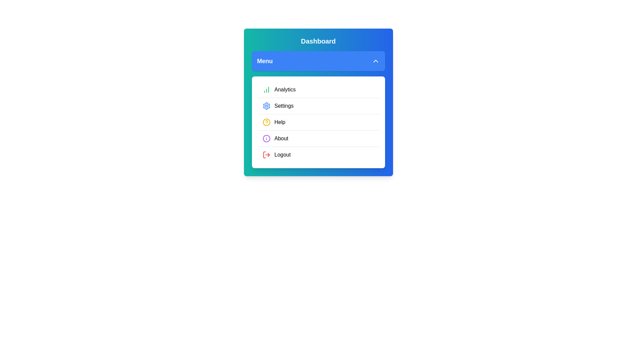 The image size is (639, 359). What do you see at coordinates (283, 155) in the screenshot?
I see `the logout button labeled 'Menu' located at the bottom of the dropdown menu under 'Dashboard' for possible additional interactions` at bounding box center [283, 155].